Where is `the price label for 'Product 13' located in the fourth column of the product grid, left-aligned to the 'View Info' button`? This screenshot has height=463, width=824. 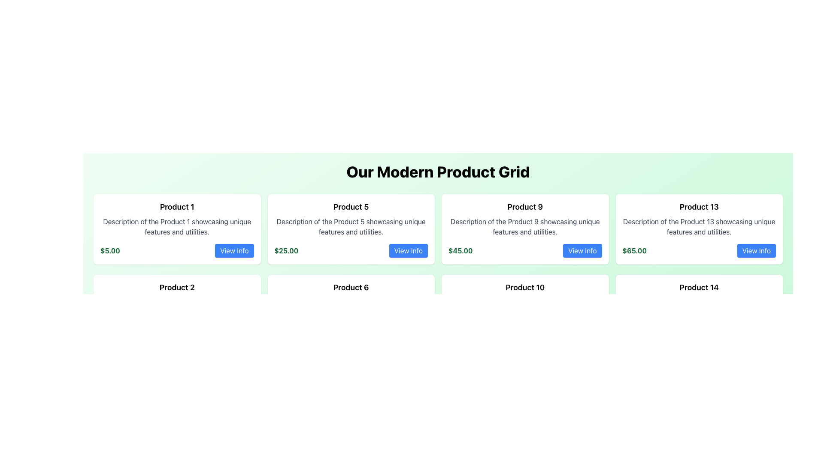
the price label for 'Product 13' located in the fourth column of the product grid, left-aligned to the 'View Info' button is located at coordinates (634, 251).